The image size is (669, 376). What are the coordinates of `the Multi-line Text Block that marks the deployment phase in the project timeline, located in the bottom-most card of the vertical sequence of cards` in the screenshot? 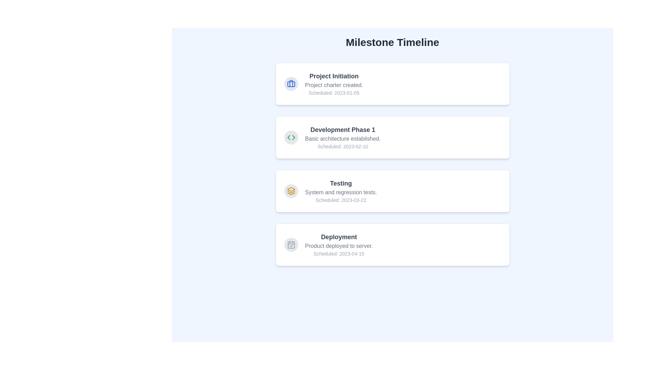 It's located at (339, 244).